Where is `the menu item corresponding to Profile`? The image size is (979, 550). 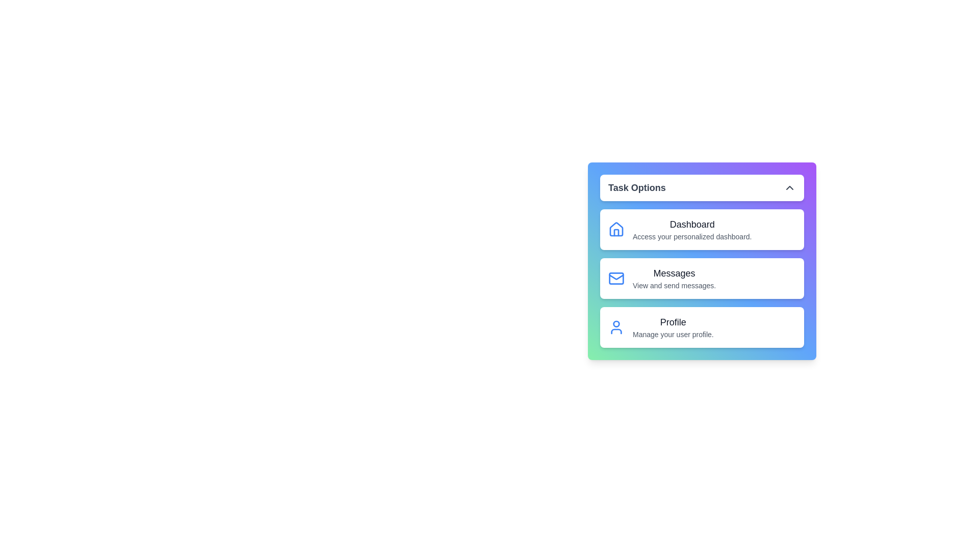
the menu item corresponding to Profile is located at coordinates (702, 327).